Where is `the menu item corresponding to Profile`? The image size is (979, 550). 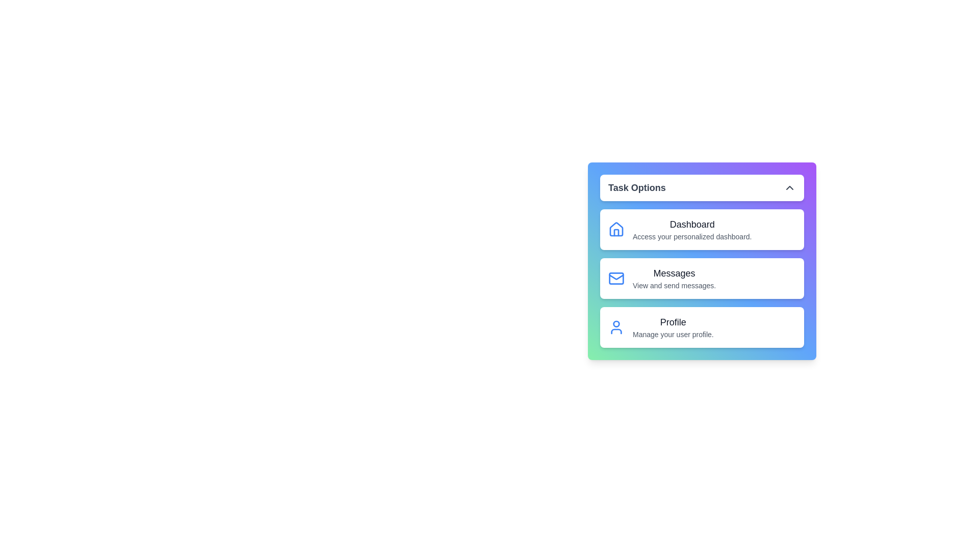
the menu item corresponding to Profile is located at coordinates (702, 327).